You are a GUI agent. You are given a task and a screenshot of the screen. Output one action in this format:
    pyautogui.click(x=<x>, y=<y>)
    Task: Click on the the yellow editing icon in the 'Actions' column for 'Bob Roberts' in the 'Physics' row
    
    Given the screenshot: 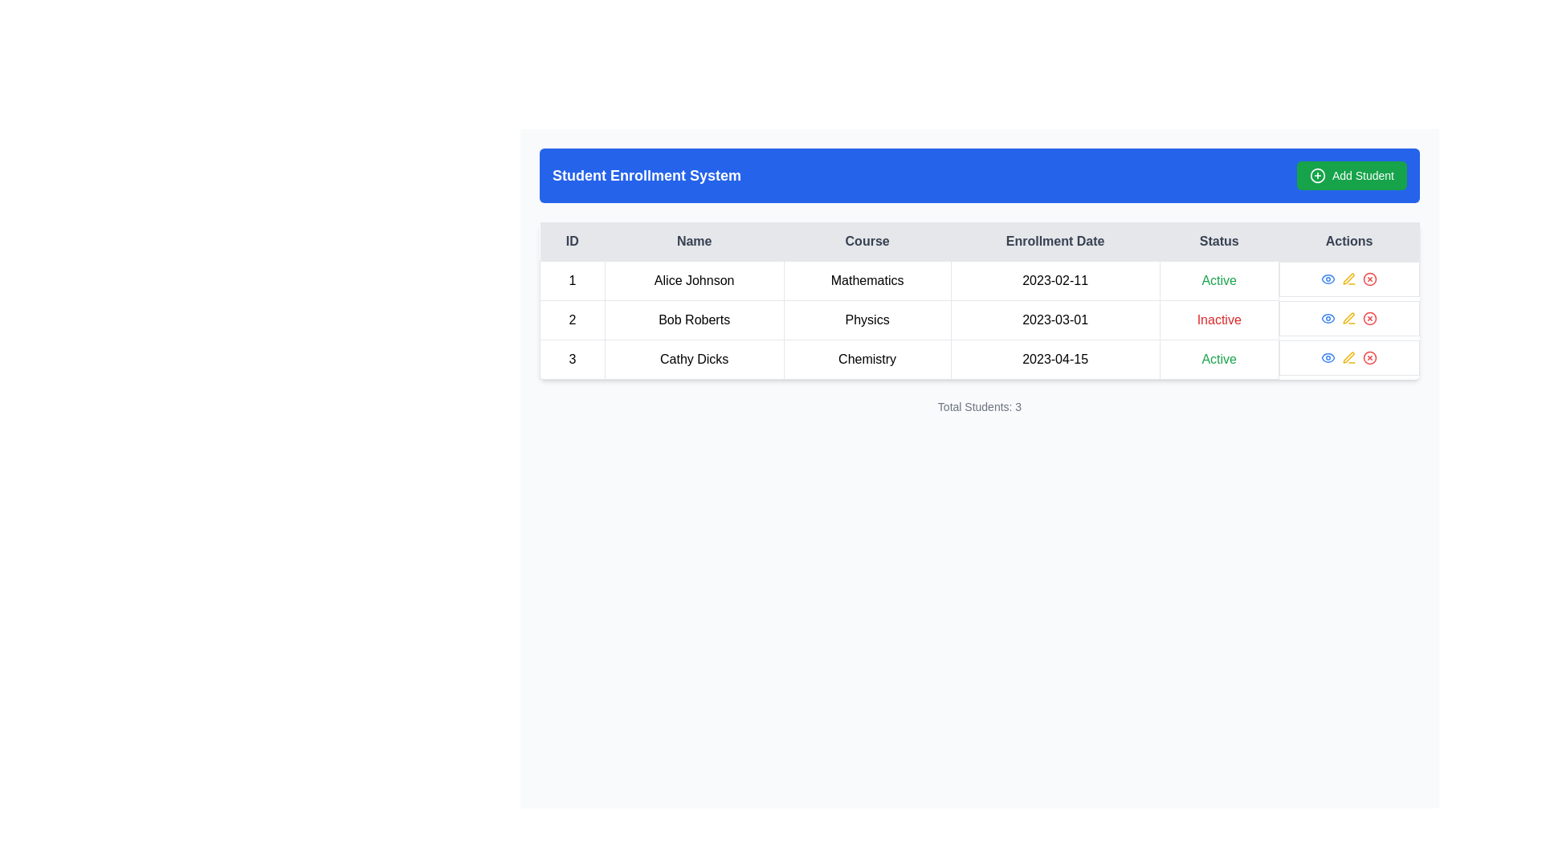 What is the action you would take?
    pyautogui.click(x=1349, y=278)
    